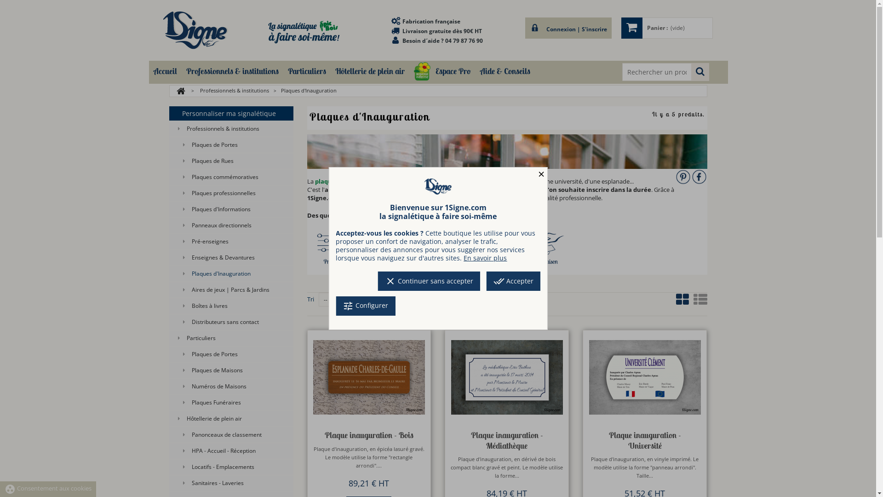 The image size is (883, 497). I want to click on 'Panonceaux de classement', so click(231, 435).